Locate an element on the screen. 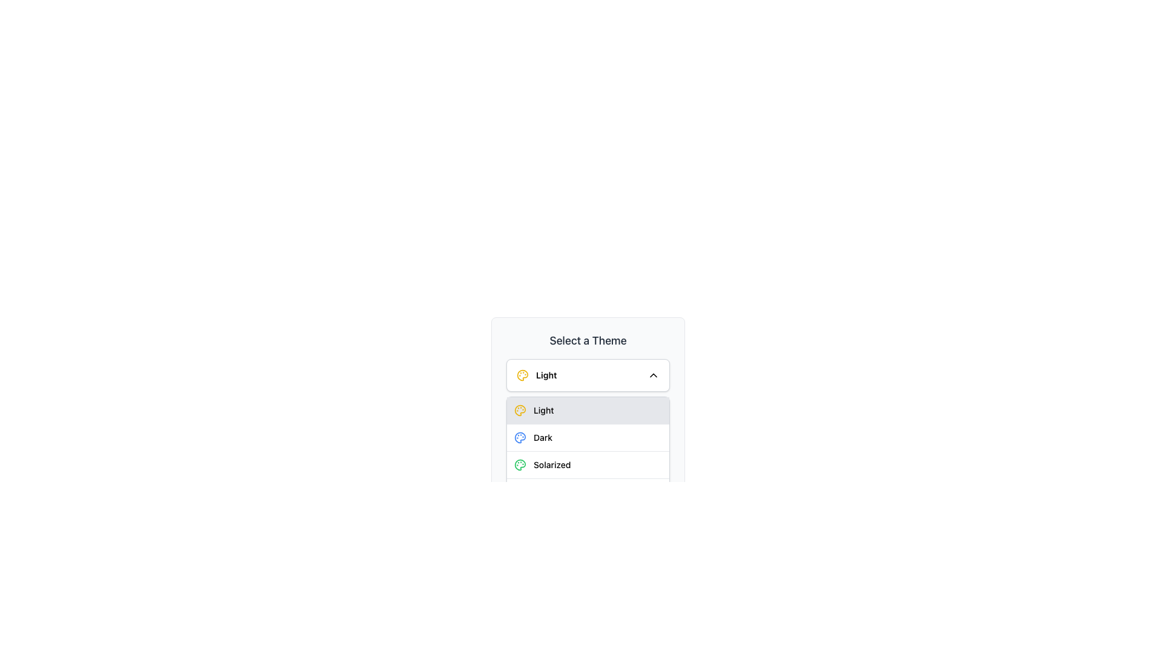 The height and width of the screenshot is (654, 1163). the circular icon resembling an artist's palette, which is displayed in yellow tones and is part of the theme selector dropdown is located at coordinates (520, 410).